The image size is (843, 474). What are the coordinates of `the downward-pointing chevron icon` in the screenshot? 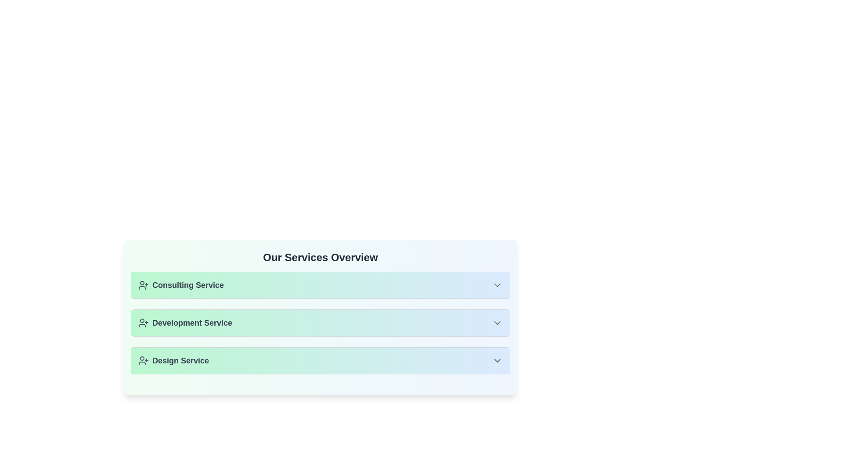 It's located at (497, 360).